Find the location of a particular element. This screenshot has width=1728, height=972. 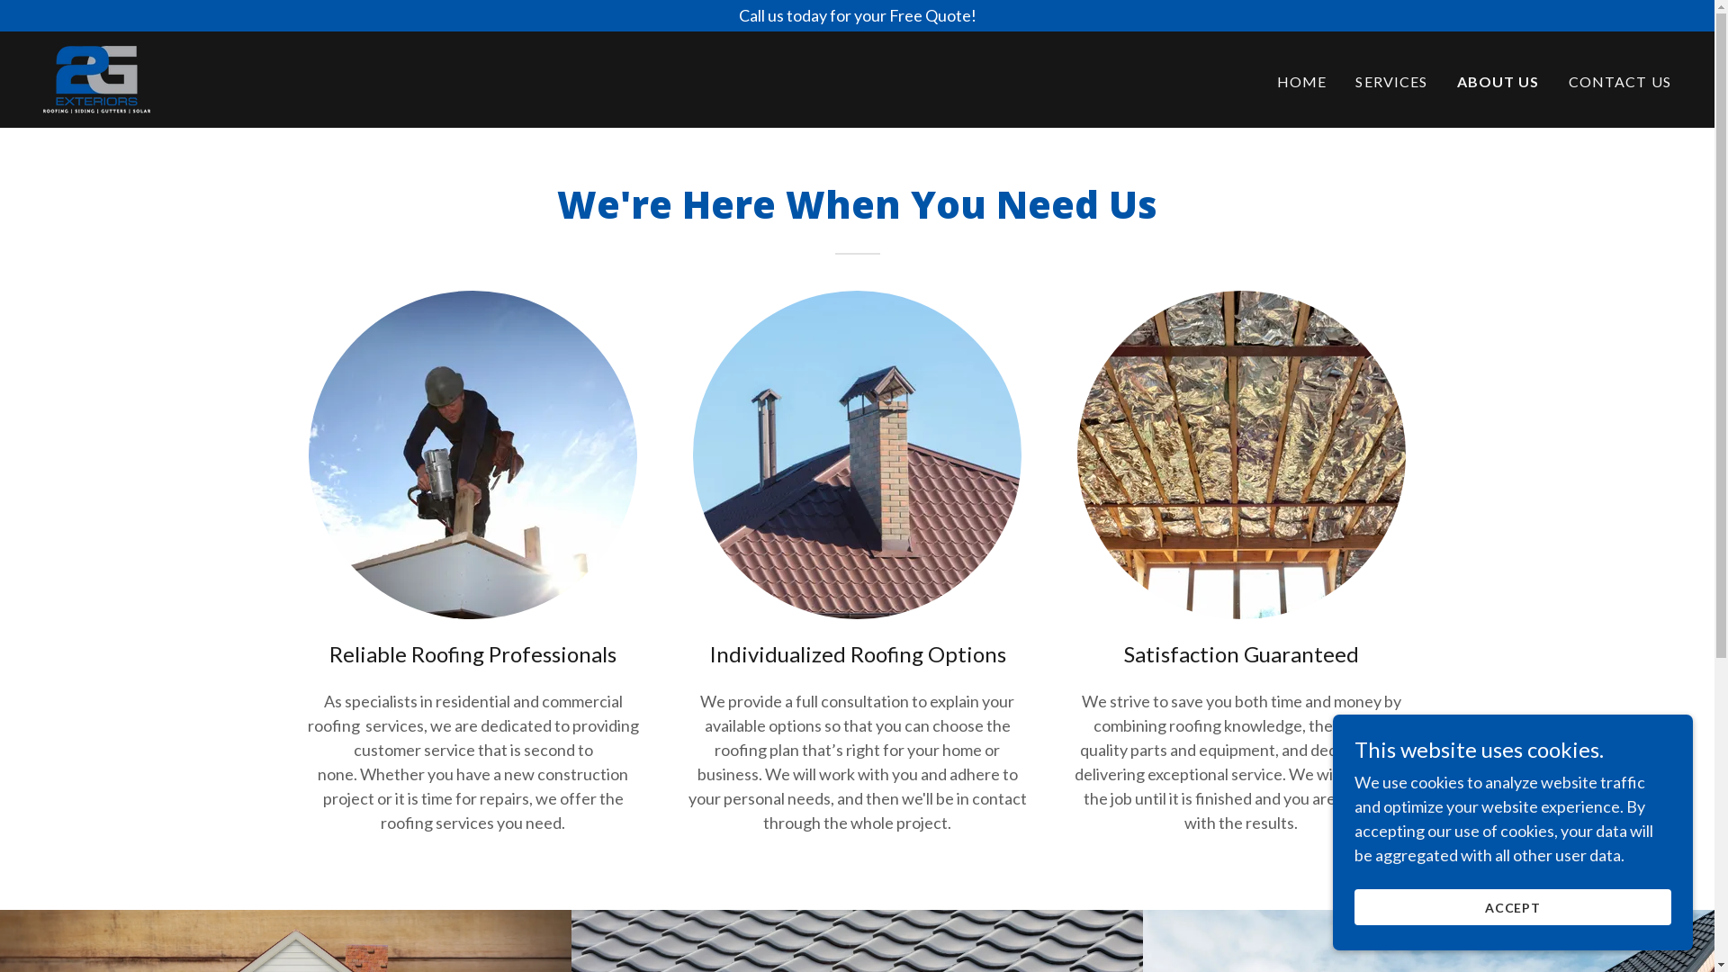

'ABOUT US' is located at coordinates (1498, 82).